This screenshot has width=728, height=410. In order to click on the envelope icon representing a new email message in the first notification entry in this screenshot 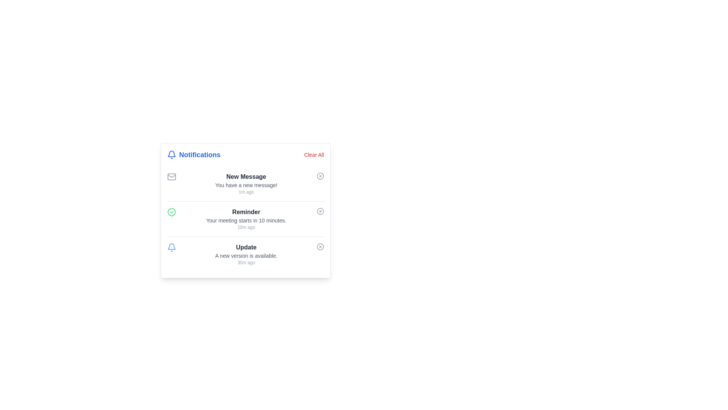, I will do `click(171, 177)`.